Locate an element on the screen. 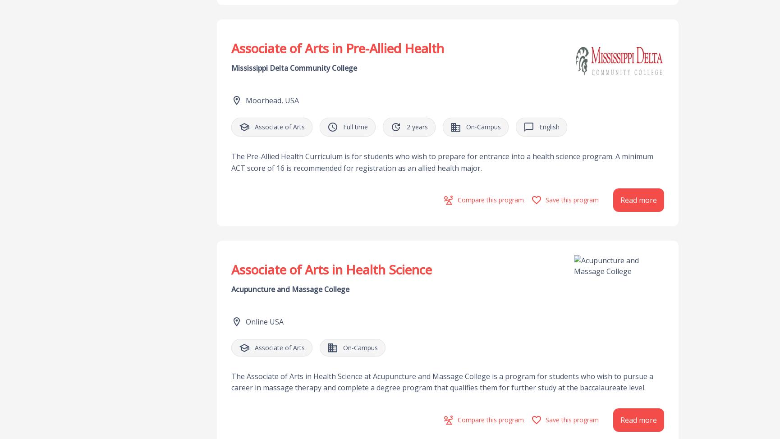  'Associate of Arts in Health Science' is located at coordinates (331, 269).